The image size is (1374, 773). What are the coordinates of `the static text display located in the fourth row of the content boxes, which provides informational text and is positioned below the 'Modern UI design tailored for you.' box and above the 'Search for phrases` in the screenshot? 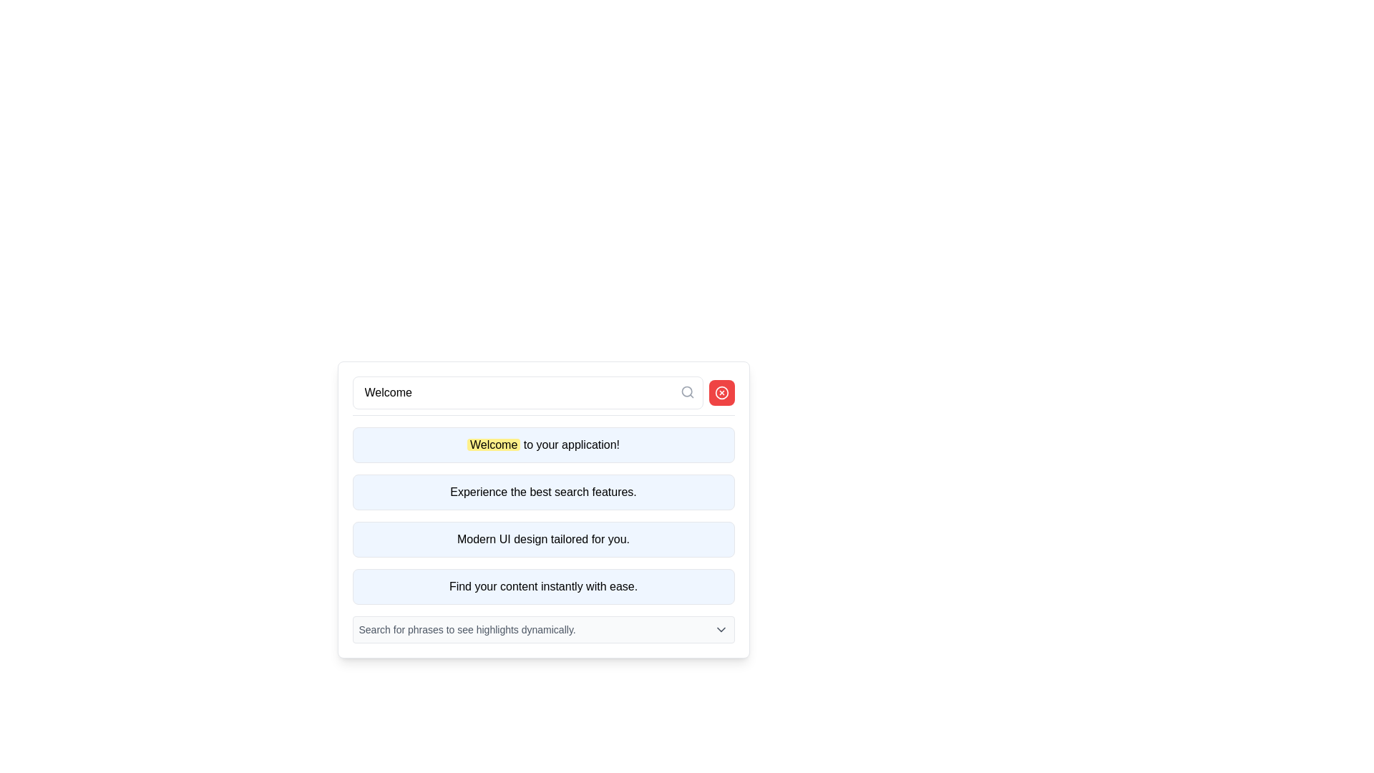 It's located at (542, 587).